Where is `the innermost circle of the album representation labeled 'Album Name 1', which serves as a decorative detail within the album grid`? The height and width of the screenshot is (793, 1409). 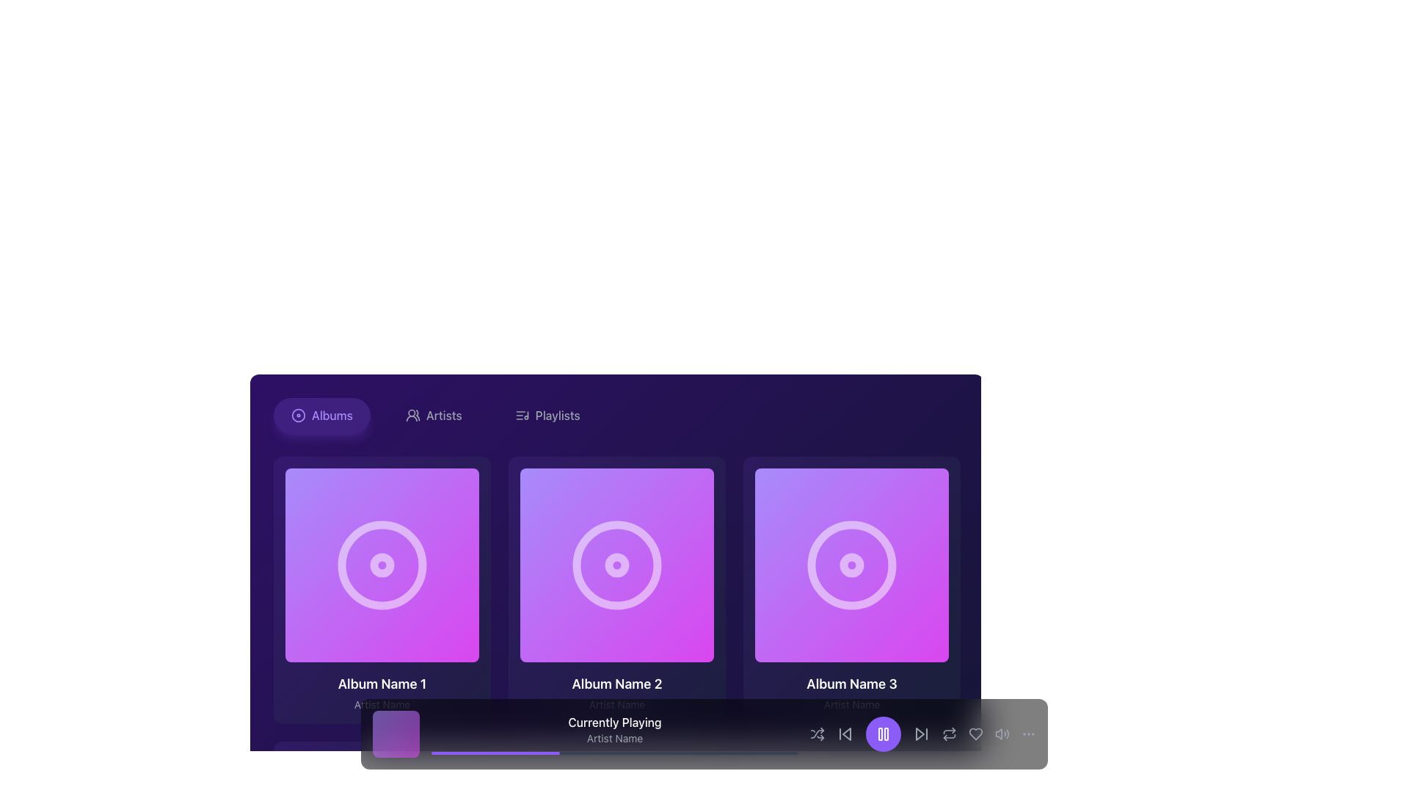
the innermost circle of the album representation labeled 'Album Name 1', which serves as a decorative detail within the album grid is located at coordinates (382, 565).